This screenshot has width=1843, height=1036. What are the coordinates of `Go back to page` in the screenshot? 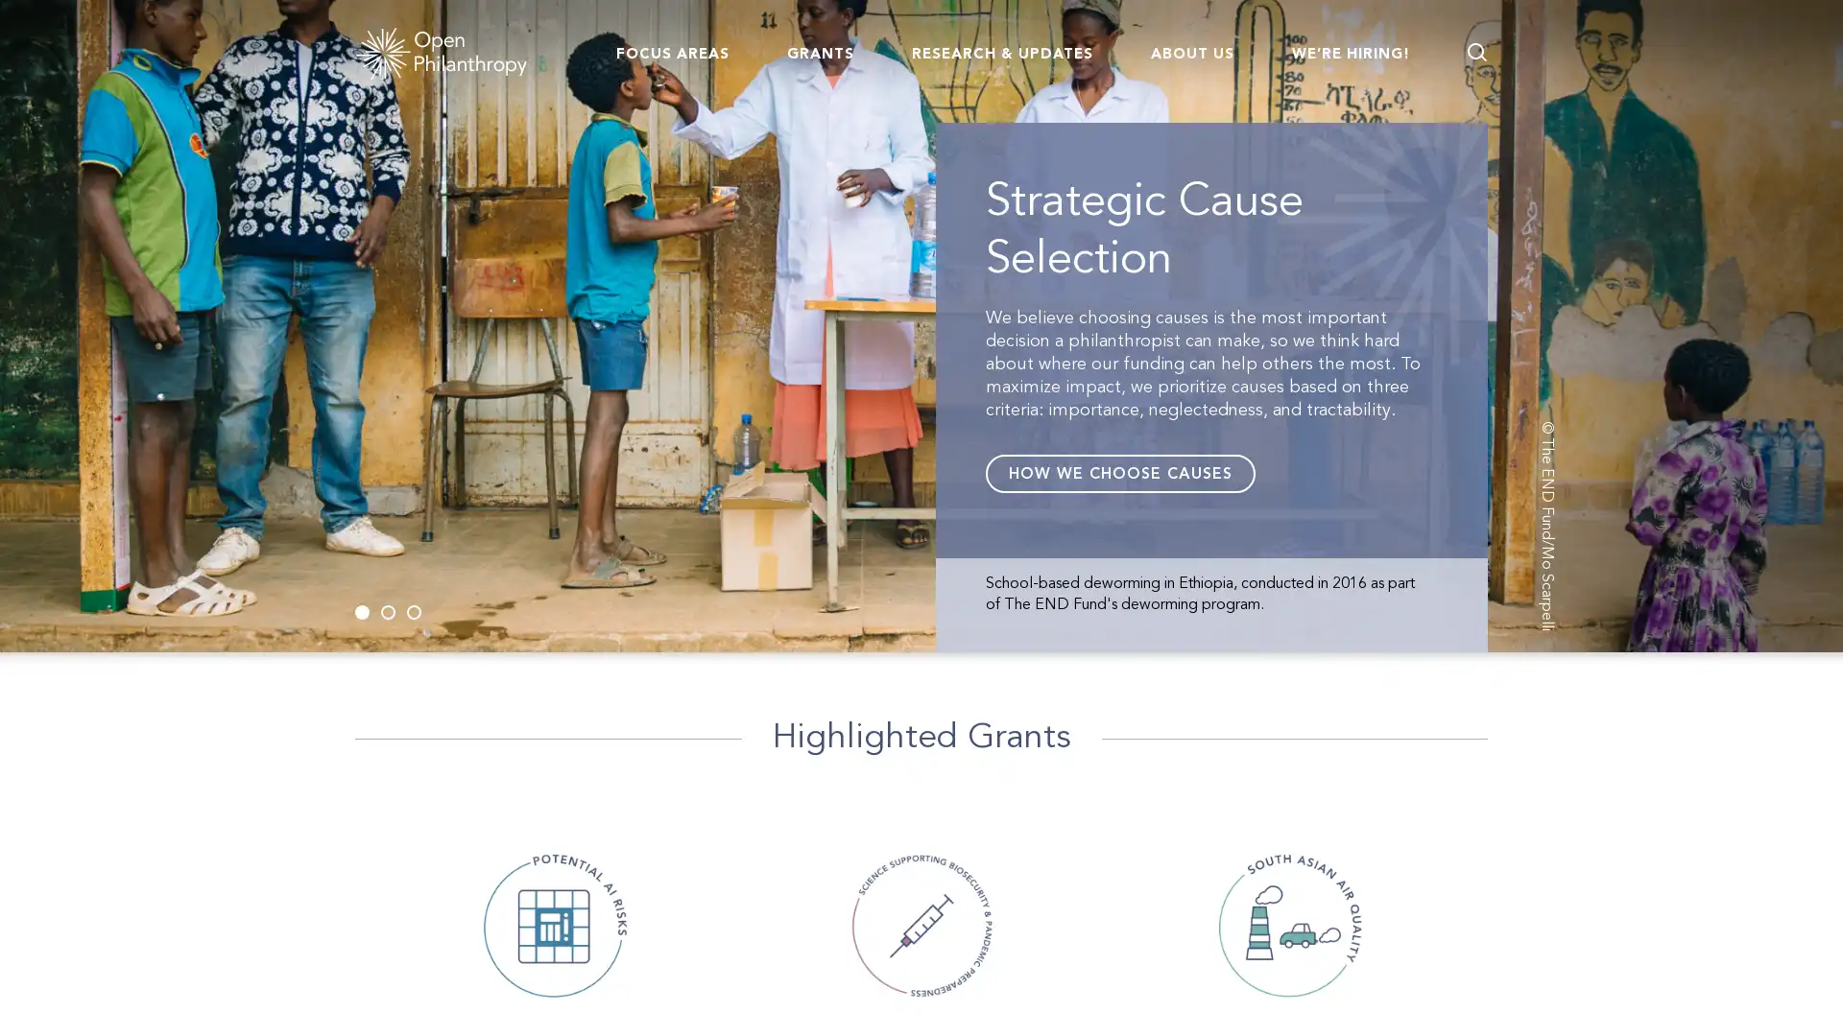 It's located at (1810, 41).